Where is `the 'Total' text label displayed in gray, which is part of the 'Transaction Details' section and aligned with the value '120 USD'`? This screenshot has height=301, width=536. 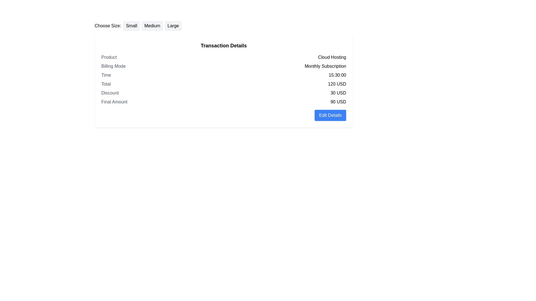
the 'Total' text label displayed in gray, which is part of the 'Transaction Details' section and aligned with the value '120 USD' is located at coordinates (106, 84).